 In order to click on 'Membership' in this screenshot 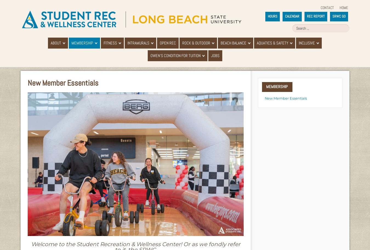, I will do `click(82, 43)`.